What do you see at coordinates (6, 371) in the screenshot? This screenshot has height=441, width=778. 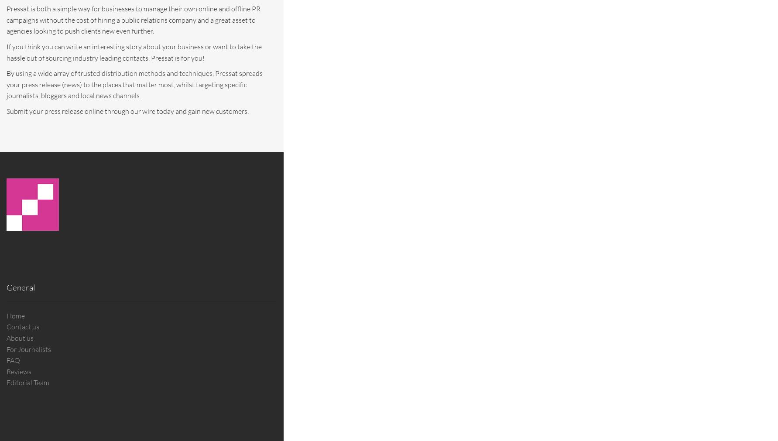 I see `'Reviews'` at bounding box center [6, 371].